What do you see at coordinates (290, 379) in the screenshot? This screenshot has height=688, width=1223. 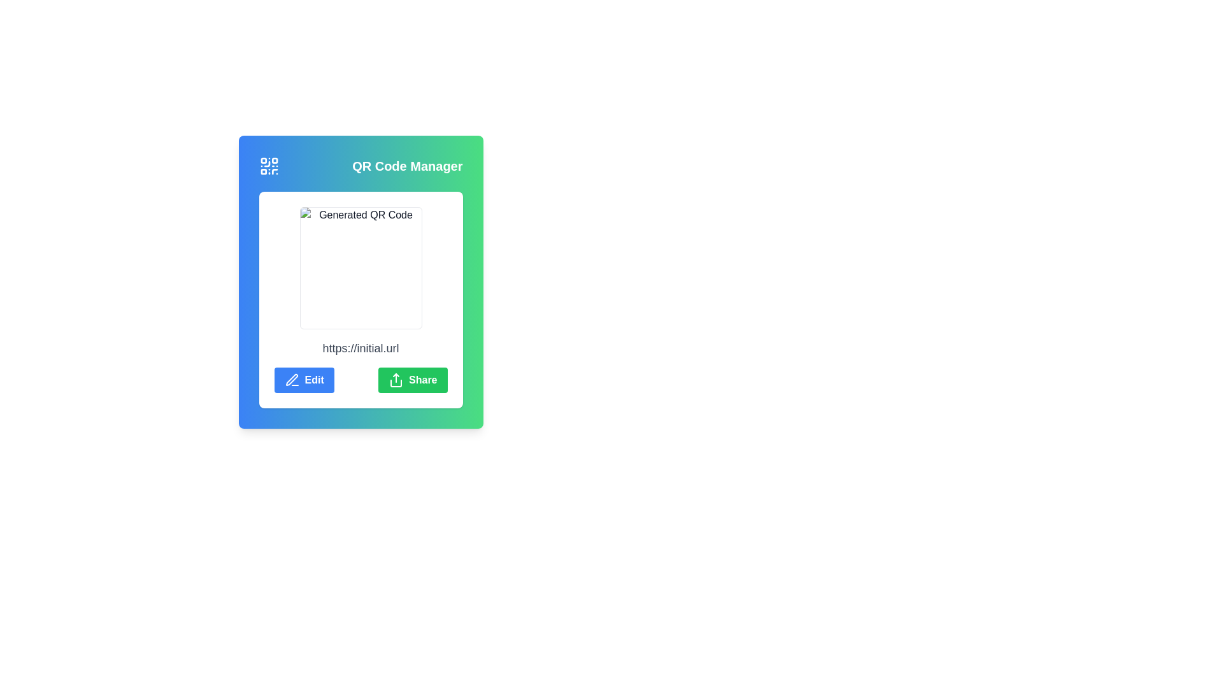 I see `the editing action icon located at the middle left of the interface, which is likely used for modifying a QR code or associated text` at bounding box center [290, 379].